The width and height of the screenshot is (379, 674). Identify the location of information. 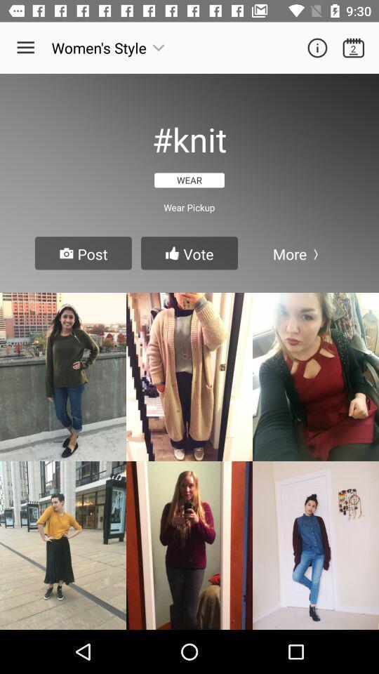
(317, 48).